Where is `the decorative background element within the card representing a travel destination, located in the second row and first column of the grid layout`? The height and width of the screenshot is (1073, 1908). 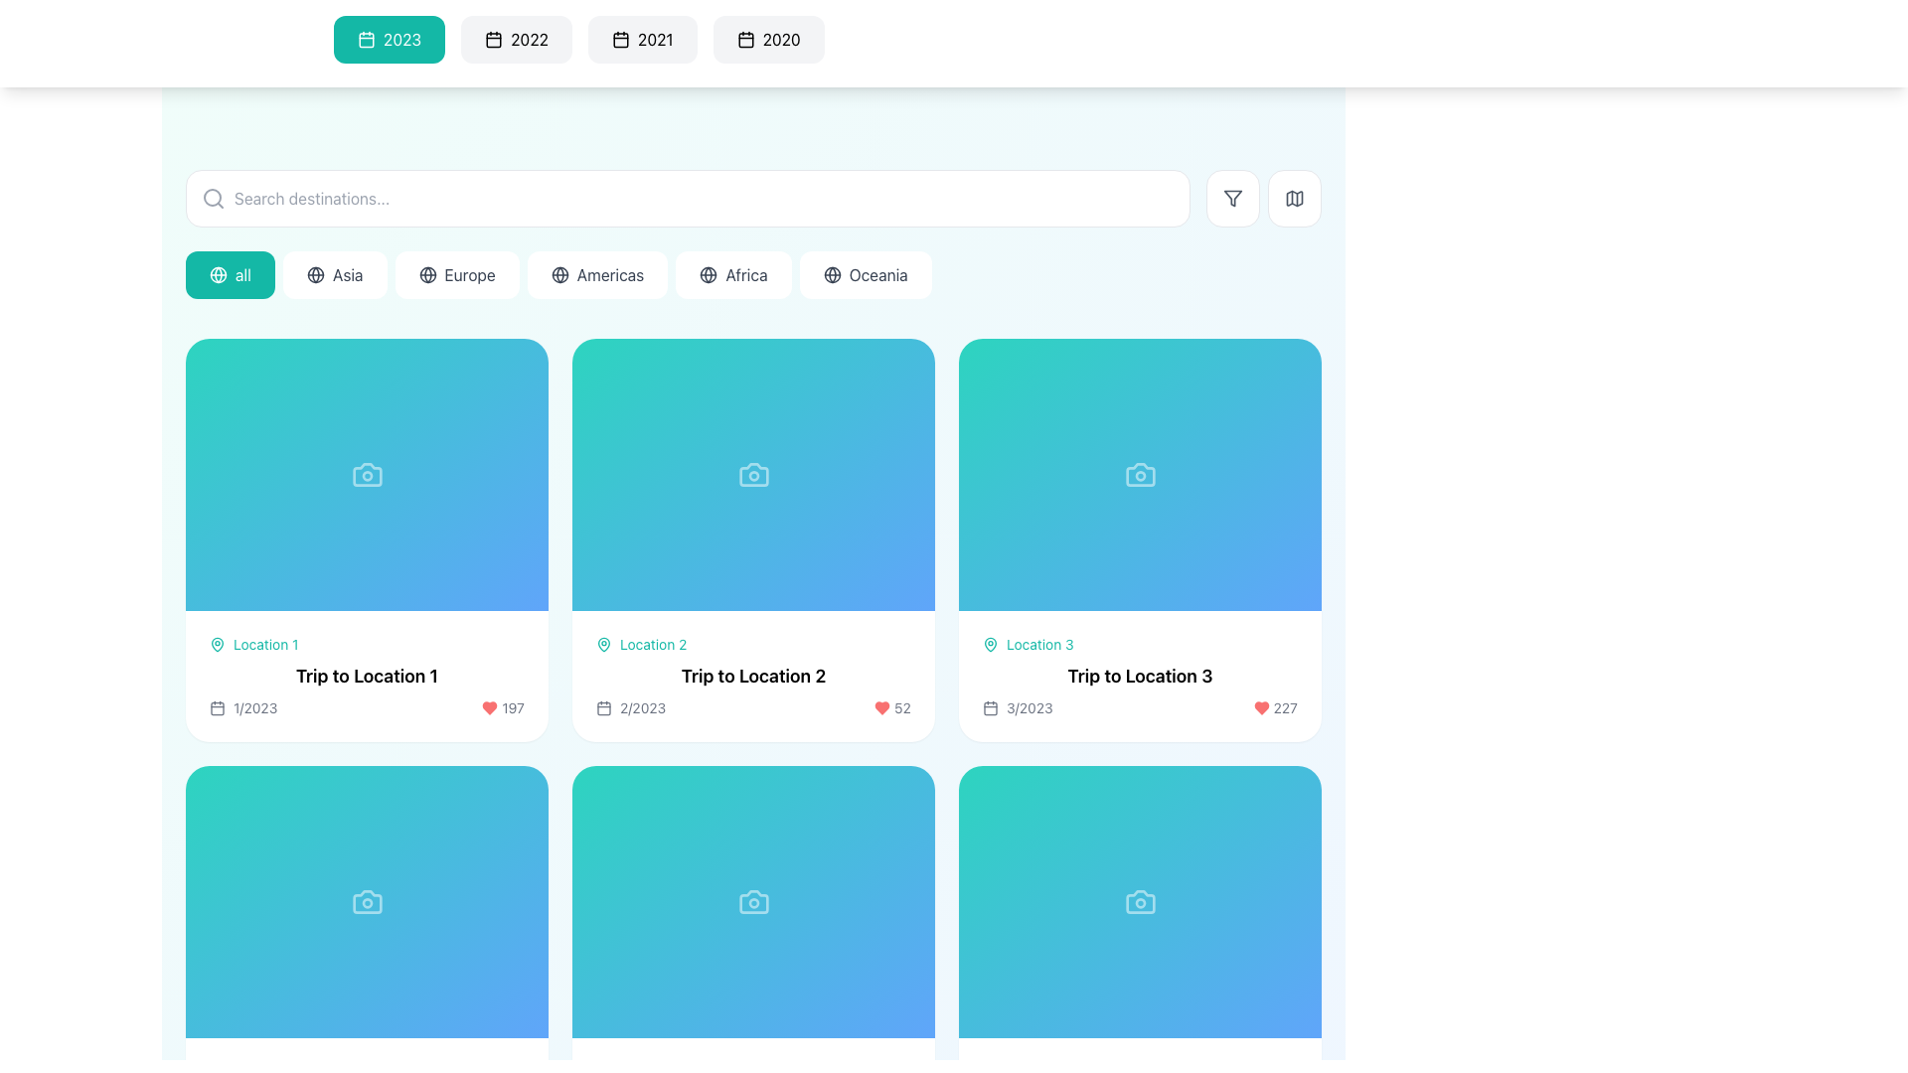
the decorative background element within the card representing a travel destination, located in the second row and first column of the grid layout is located at coordinates (752, 901).